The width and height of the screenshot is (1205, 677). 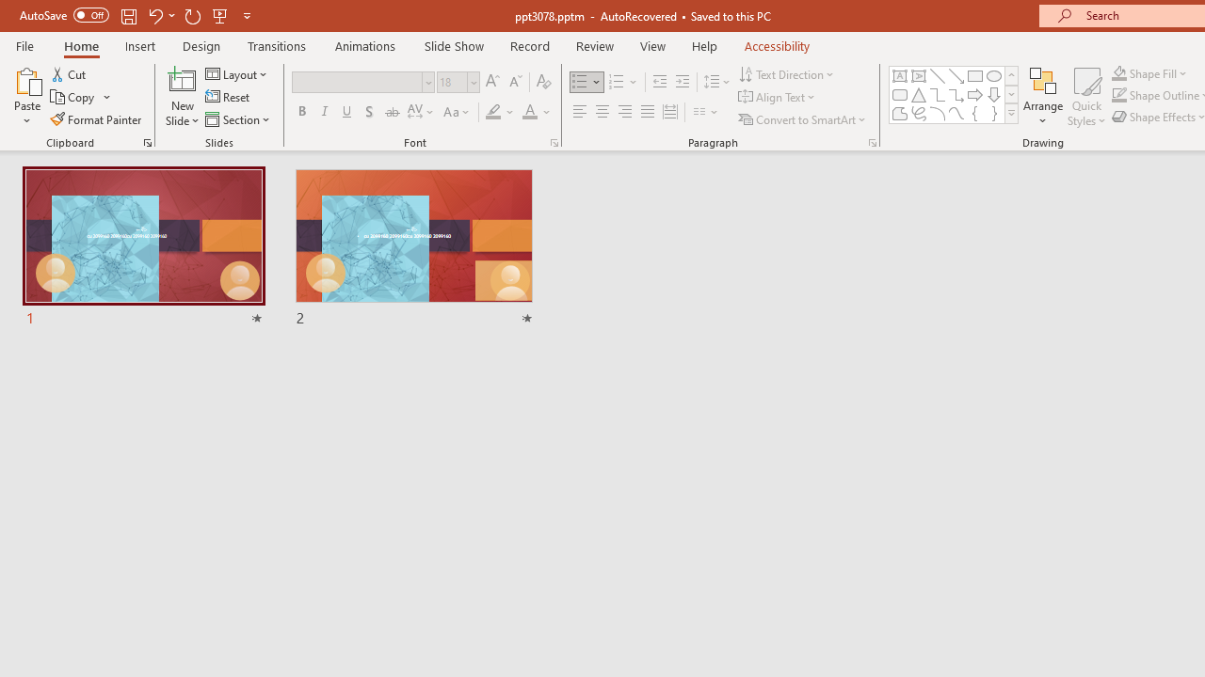 What do you see at coordinates (993, 94) in the screenshot?
I see `'Arrow: Down'` at bounding box center [993, 94].